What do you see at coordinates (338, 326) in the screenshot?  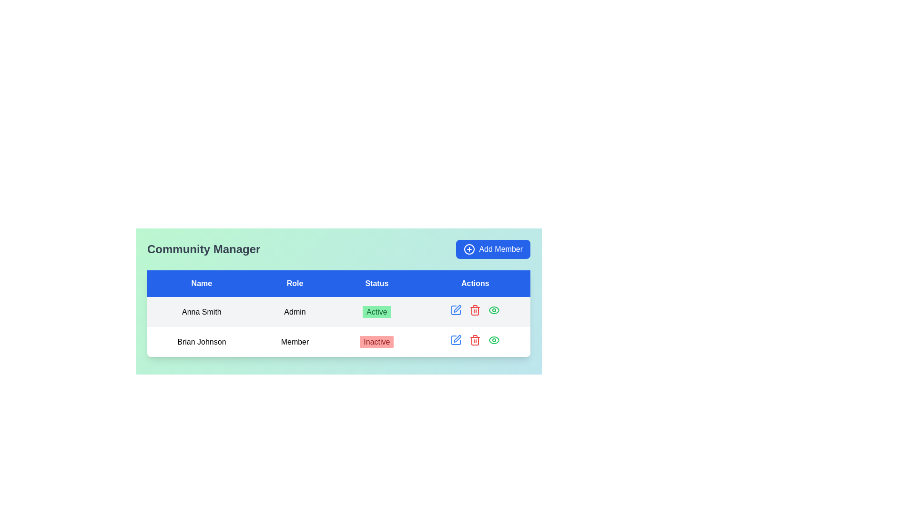 I see `textual content of the second row in the table titled 'Community Manager', which displays the name 'Brian Johnson', the role 'Member', and the status 'Inactive' highlighted in red` at bounding box center [338, 326].